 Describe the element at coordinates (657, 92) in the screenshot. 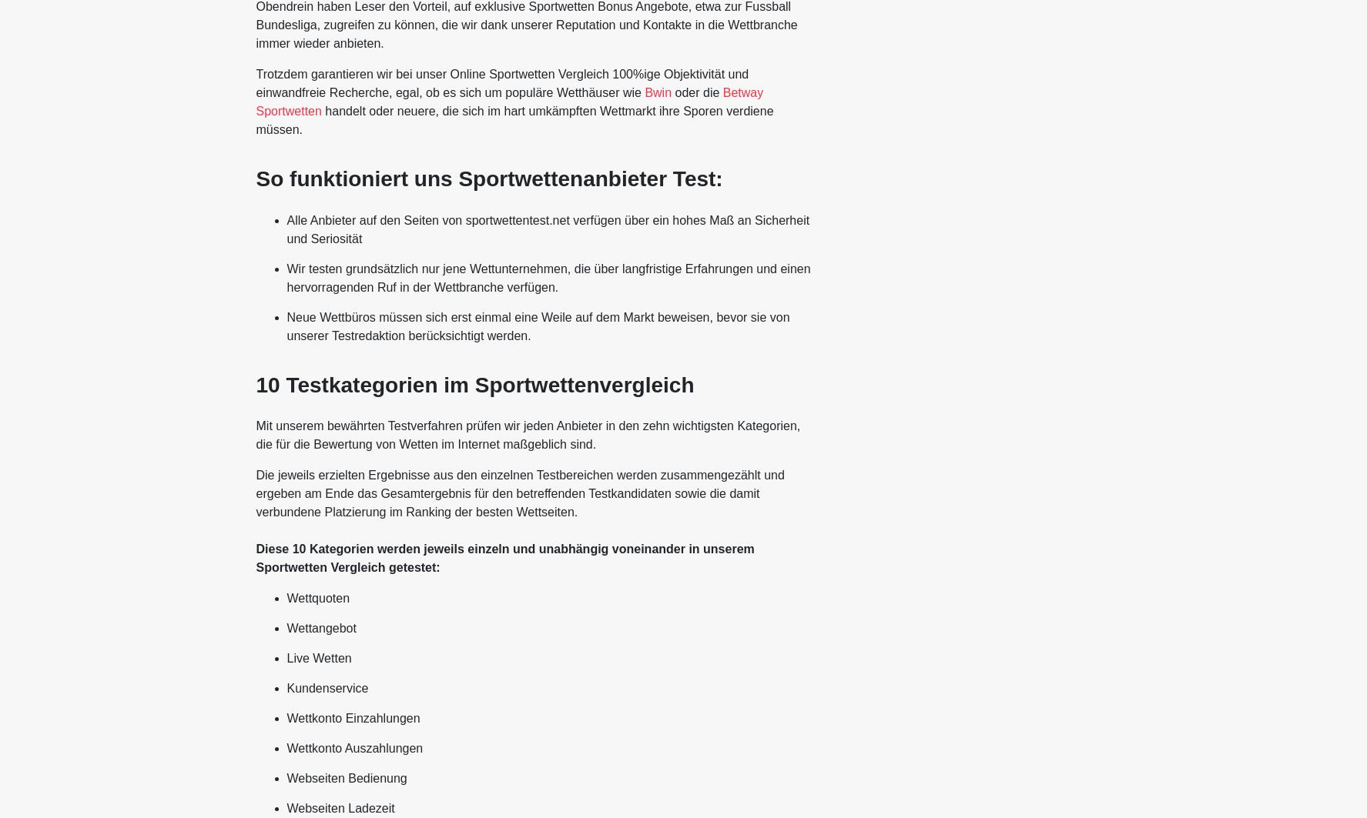

I see `'Bwin'` at that location.